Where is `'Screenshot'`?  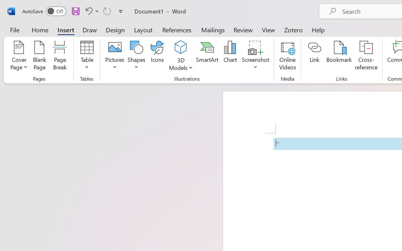
'Screenshot' is located at coordinates (256, 56).